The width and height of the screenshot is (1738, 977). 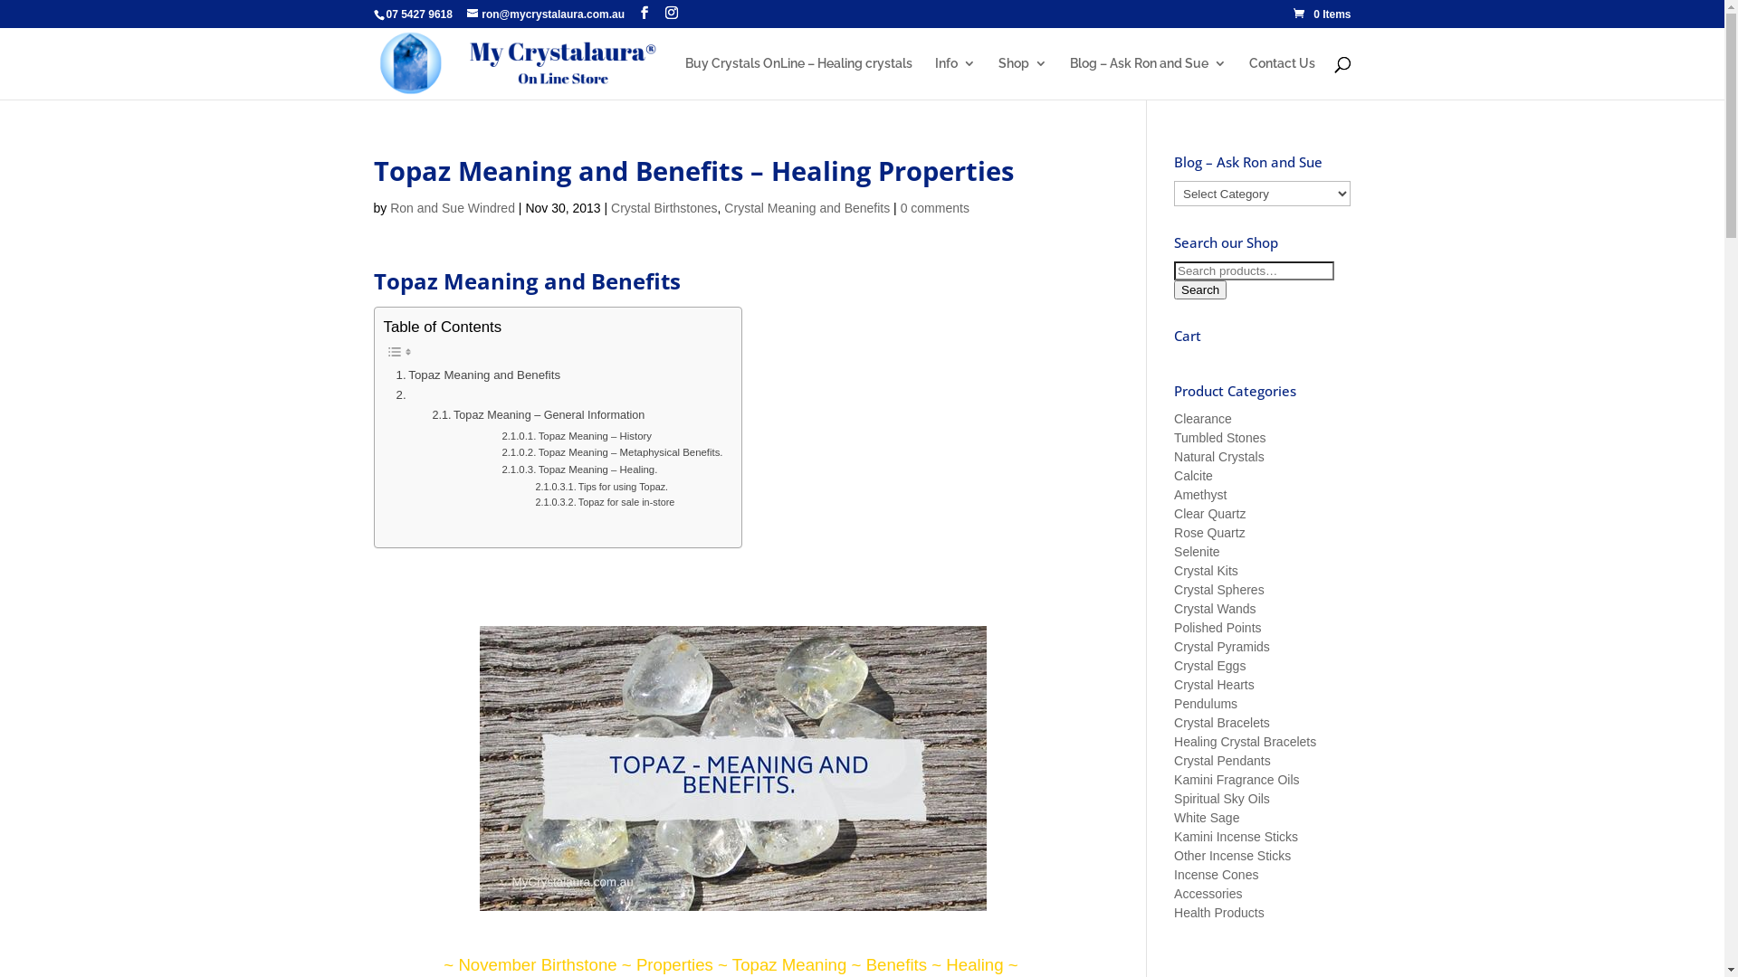 What do you see at coordinates (1221, 798) in the screenshot?
I see `'Spiritual Sky Oils'` at bounding box center [1221, 798].